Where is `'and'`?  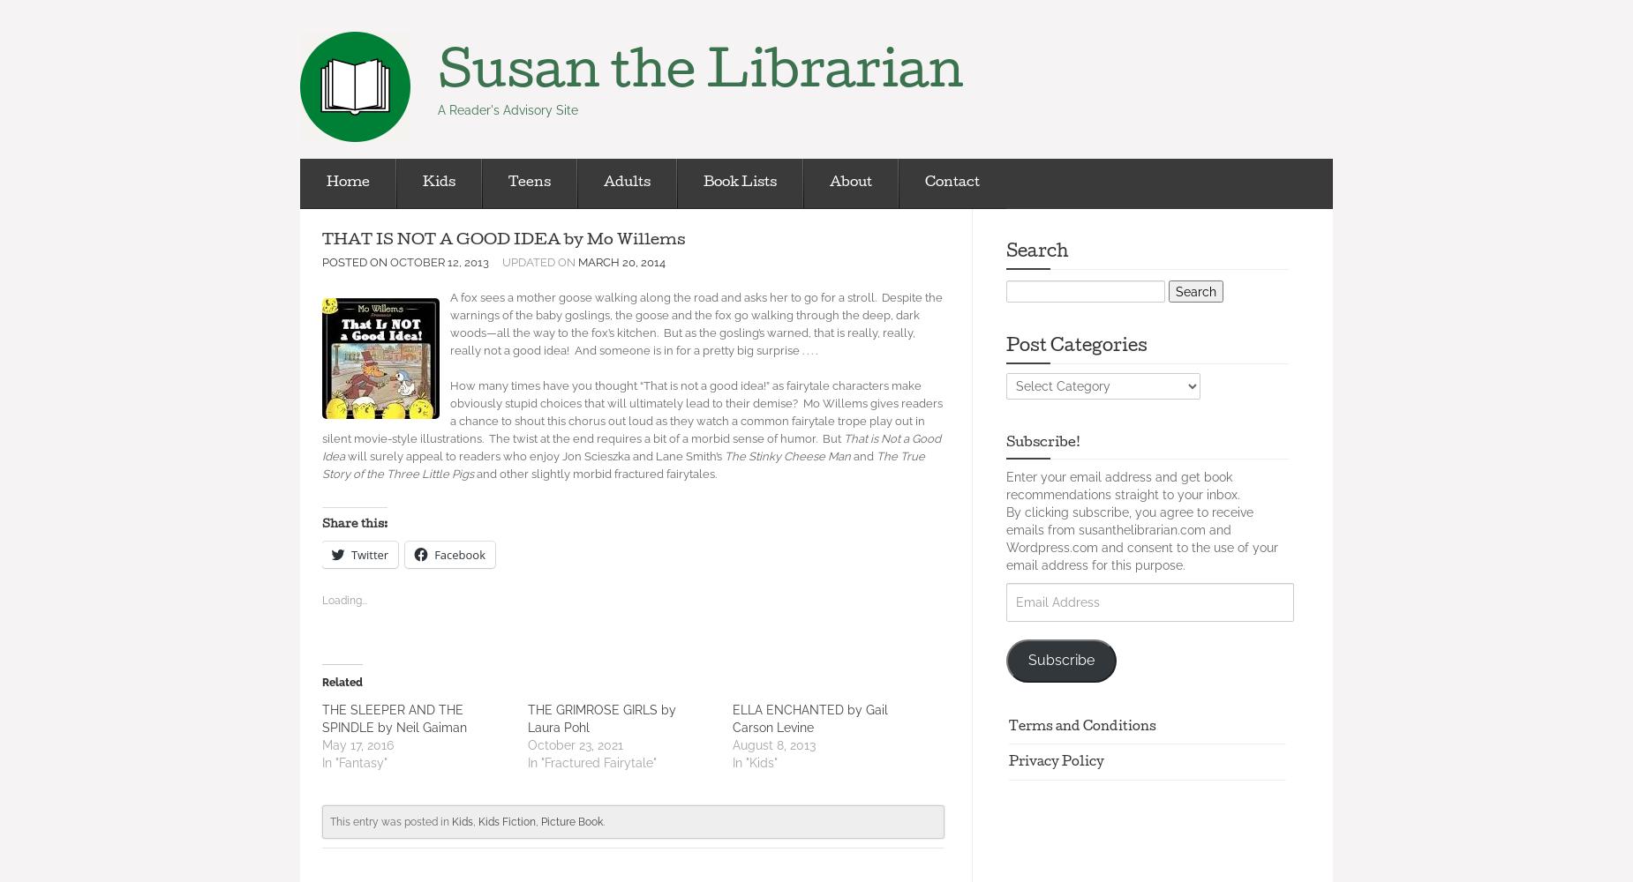 'and' is located at coordinates (863, 456).